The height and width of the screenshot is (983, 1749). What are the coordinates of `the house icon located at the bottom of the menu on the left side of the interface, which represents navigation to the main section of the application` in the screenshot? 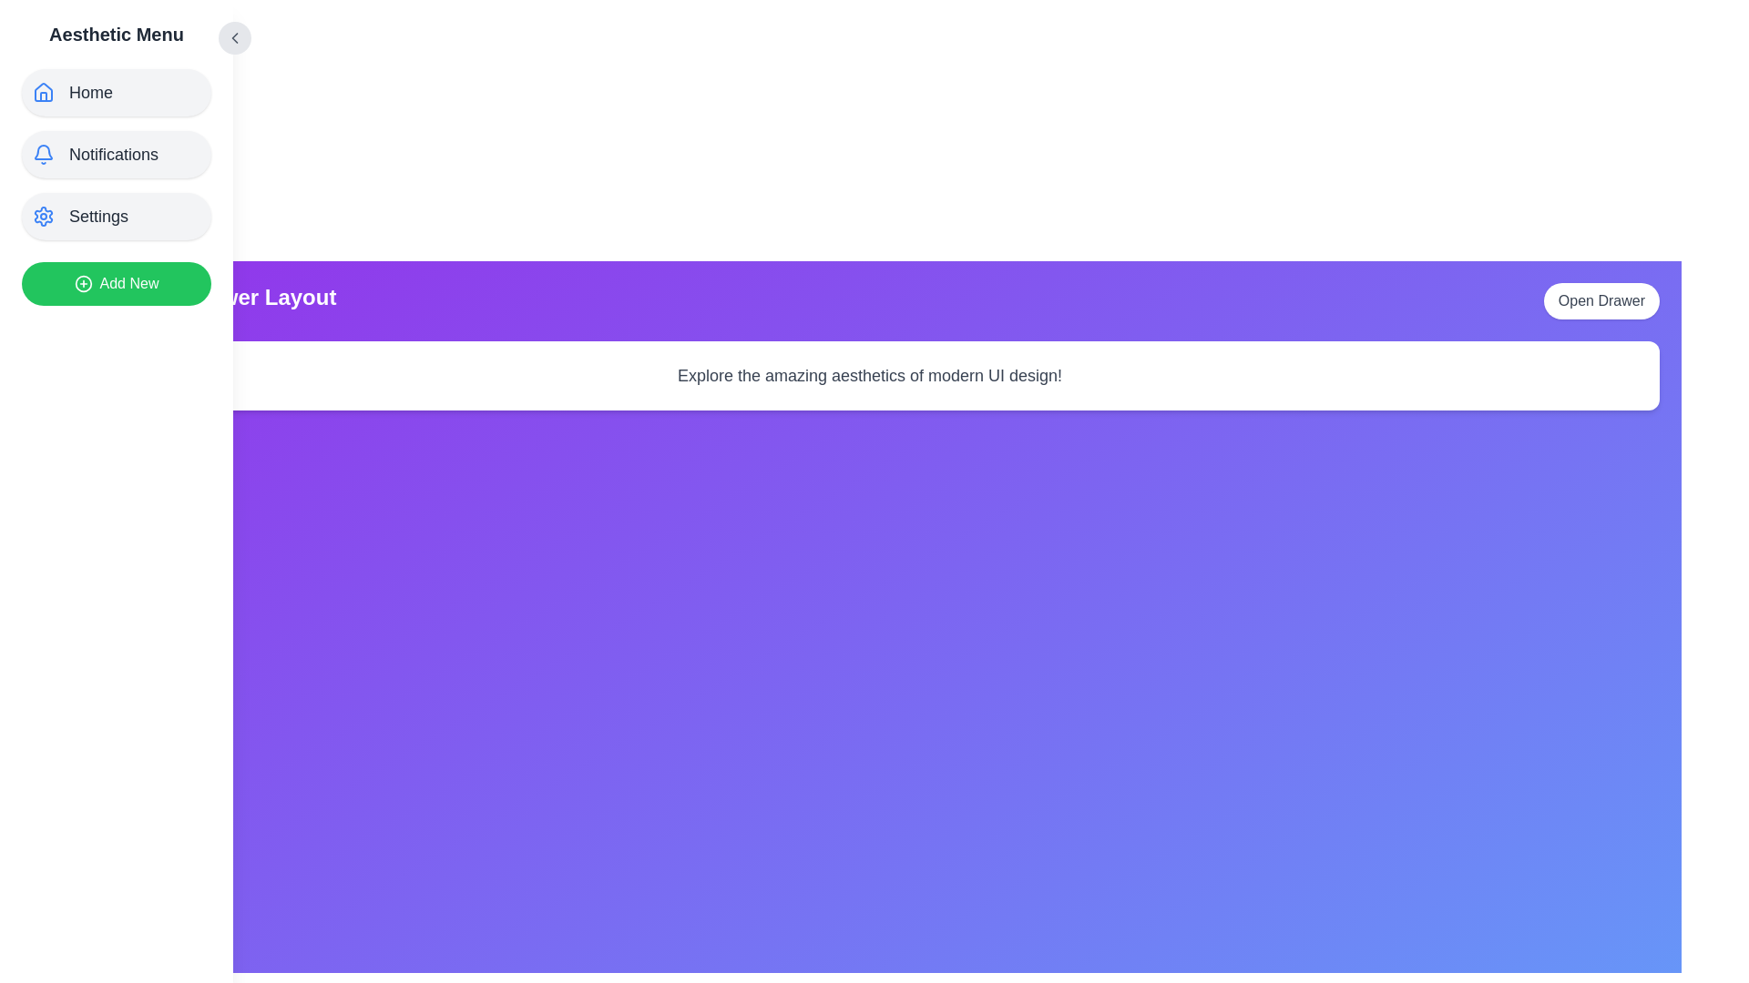 It's located at (44, 96).